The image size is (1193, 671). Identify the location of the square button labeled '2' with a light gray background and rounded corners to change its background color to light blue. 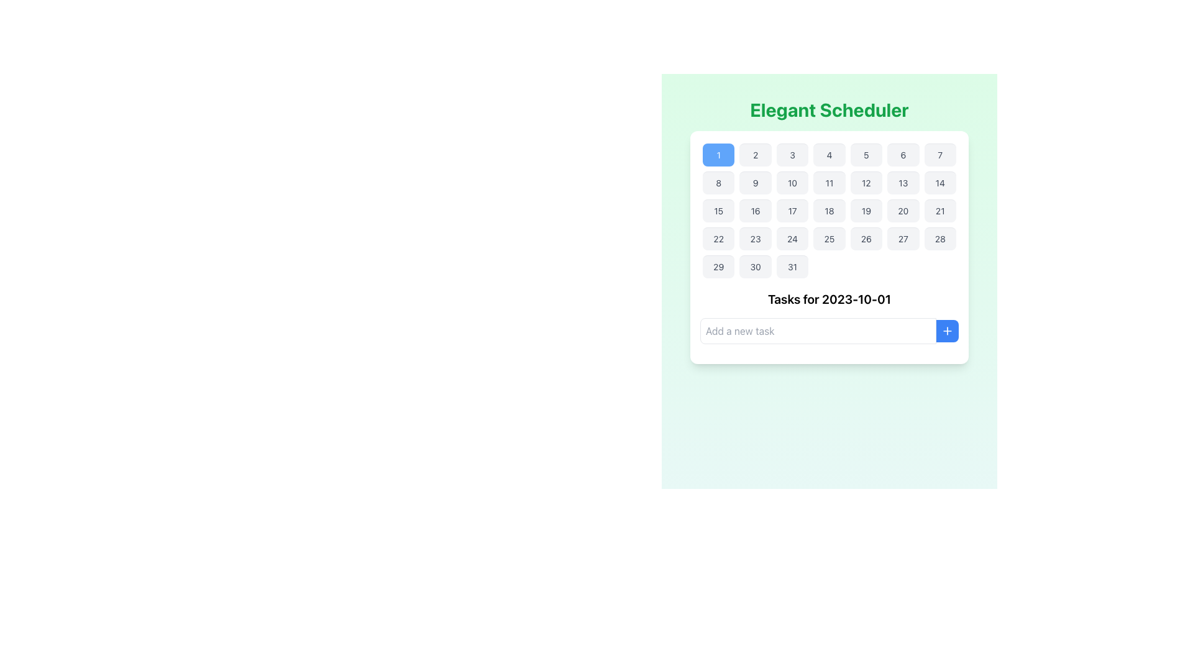
(755, 154).